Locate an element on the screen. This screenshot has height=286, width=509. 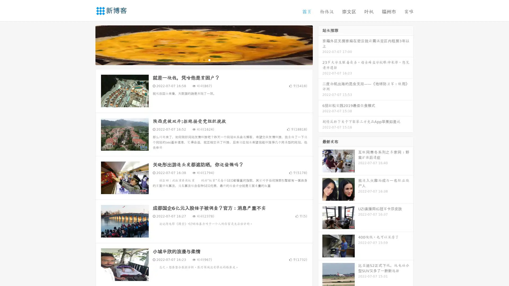
Go to slide 1 is located at coordinates (198, 60).